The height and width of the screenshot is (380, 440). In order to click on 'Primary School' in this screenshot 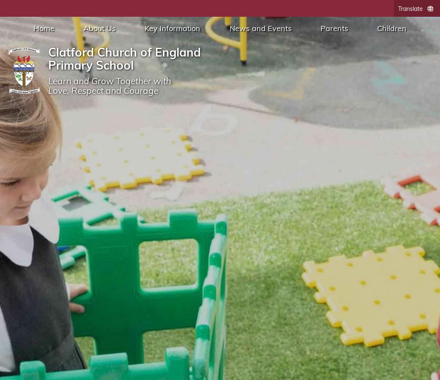, I will do `click(91, 65)`.